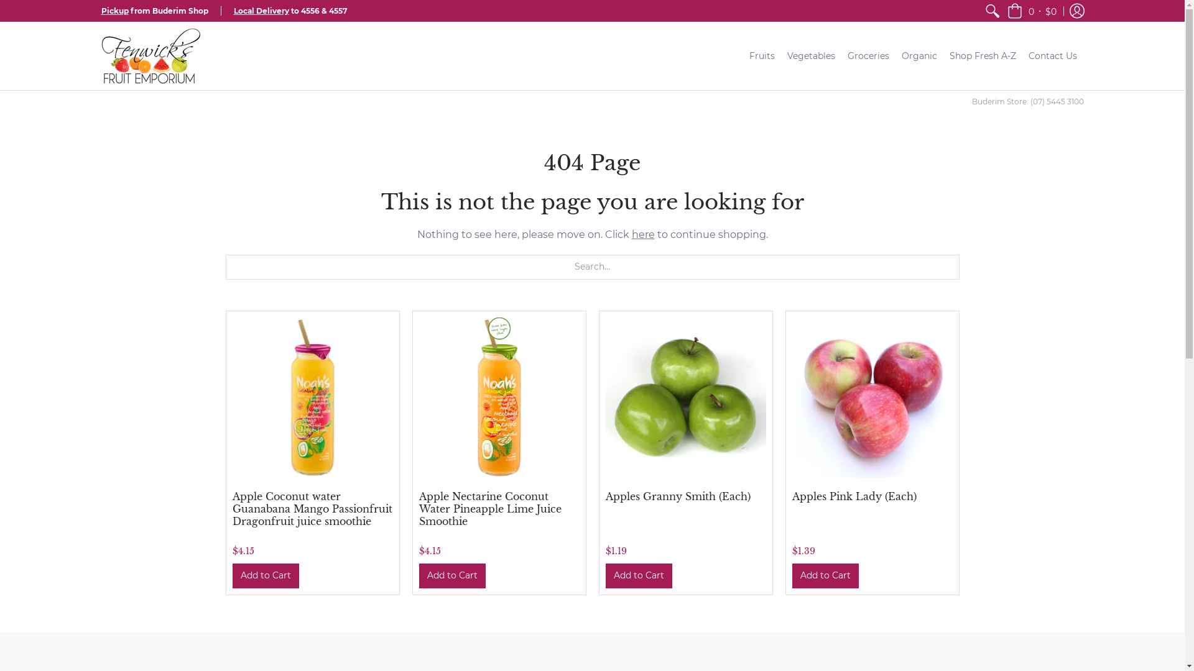 Image resolution: width=1194 pixels, height=671 pixels. What do you see at coordinates (811, 55) in the screenshot?
I see `'Vegetables'` at bounding box center [811, 55].